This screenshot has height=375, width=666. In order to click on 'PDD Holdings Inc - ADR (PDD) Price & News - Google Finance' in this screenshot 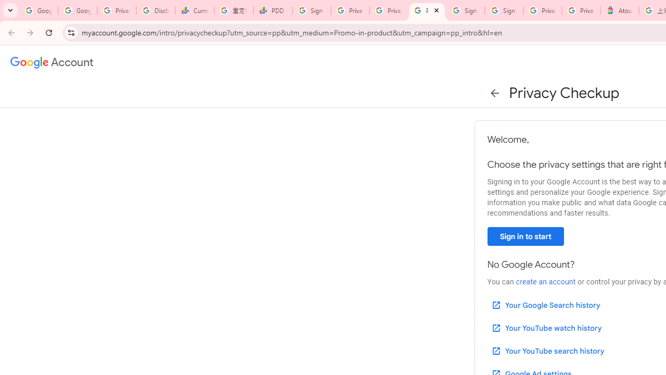, I will do `click(273, 10)`.